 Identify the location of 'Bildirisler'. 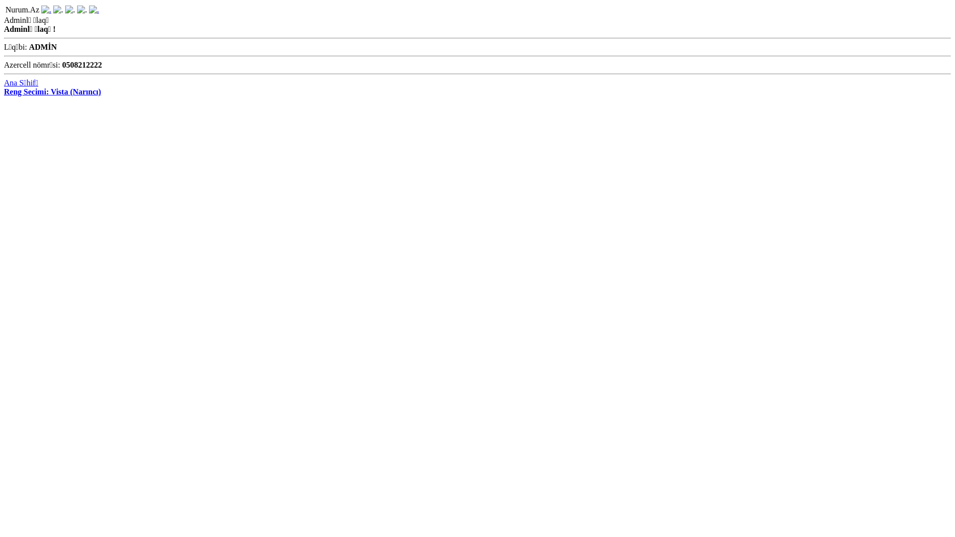
(69, 9).